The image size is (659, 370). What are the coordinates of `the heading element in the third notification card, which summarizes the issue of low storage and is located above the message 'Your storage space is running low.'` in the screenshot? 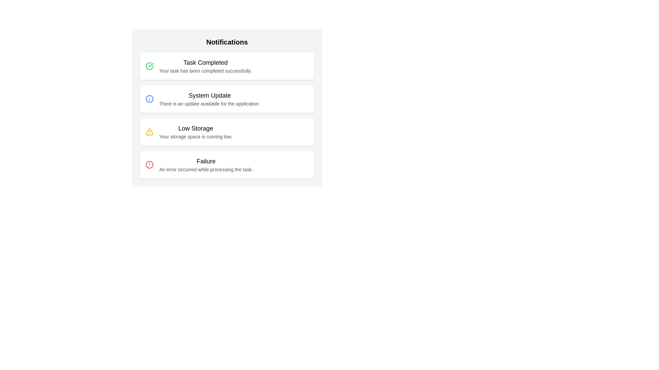 It's located at (195, 128).